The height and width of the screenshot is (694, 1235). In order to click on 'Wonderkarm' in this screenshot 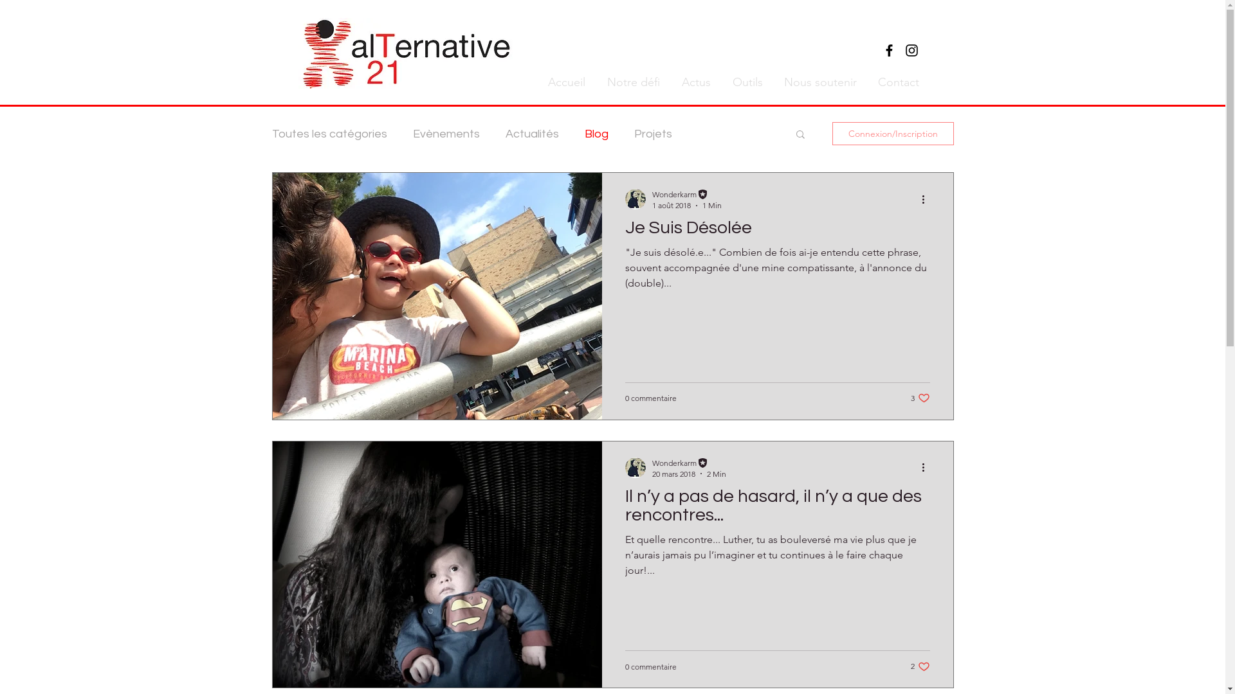, I will do `click(652, 461)`.